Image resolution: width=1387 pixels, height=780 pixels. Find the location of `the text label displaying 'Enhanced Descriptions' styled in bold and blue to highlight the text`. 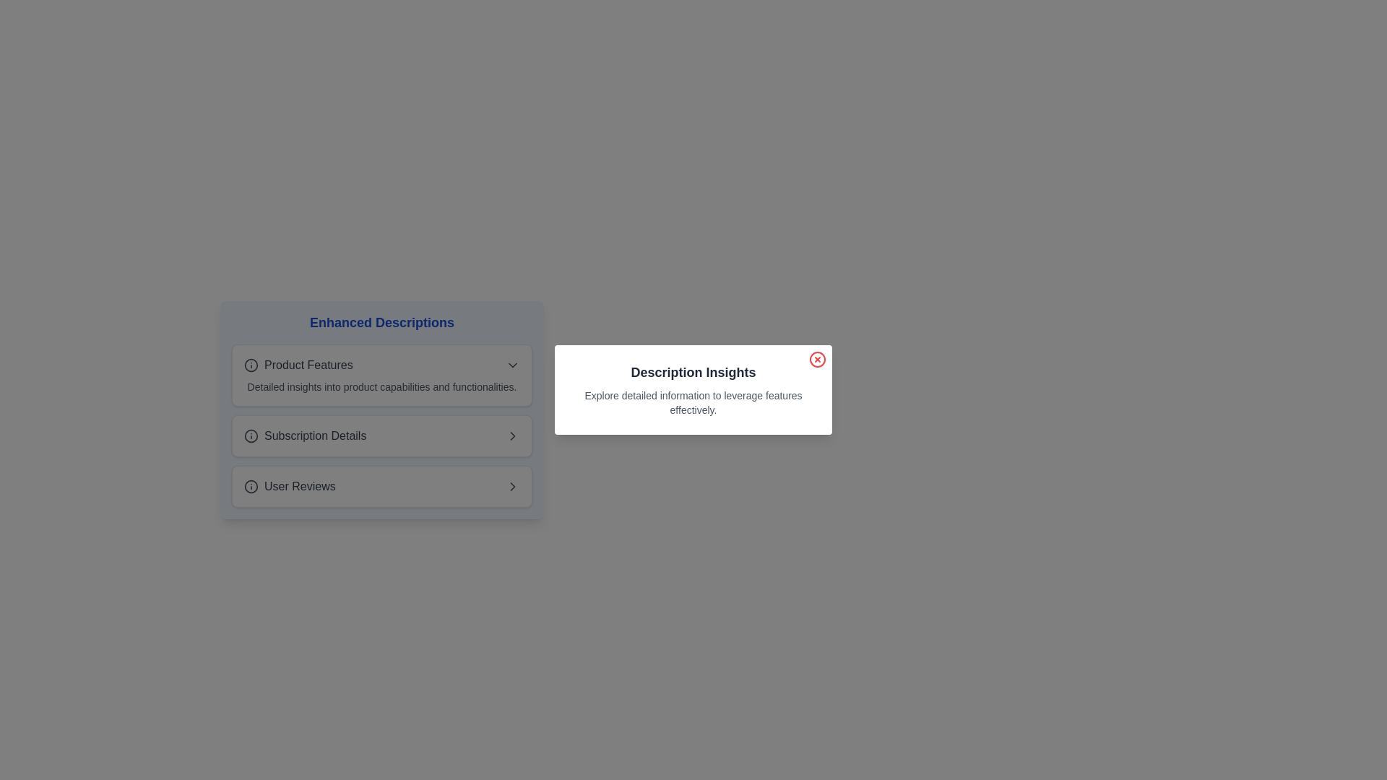

the text label displaying 'Enhanced Descriptions' styled in bold and blue to highlight the text is located at coordinates (381, 322).